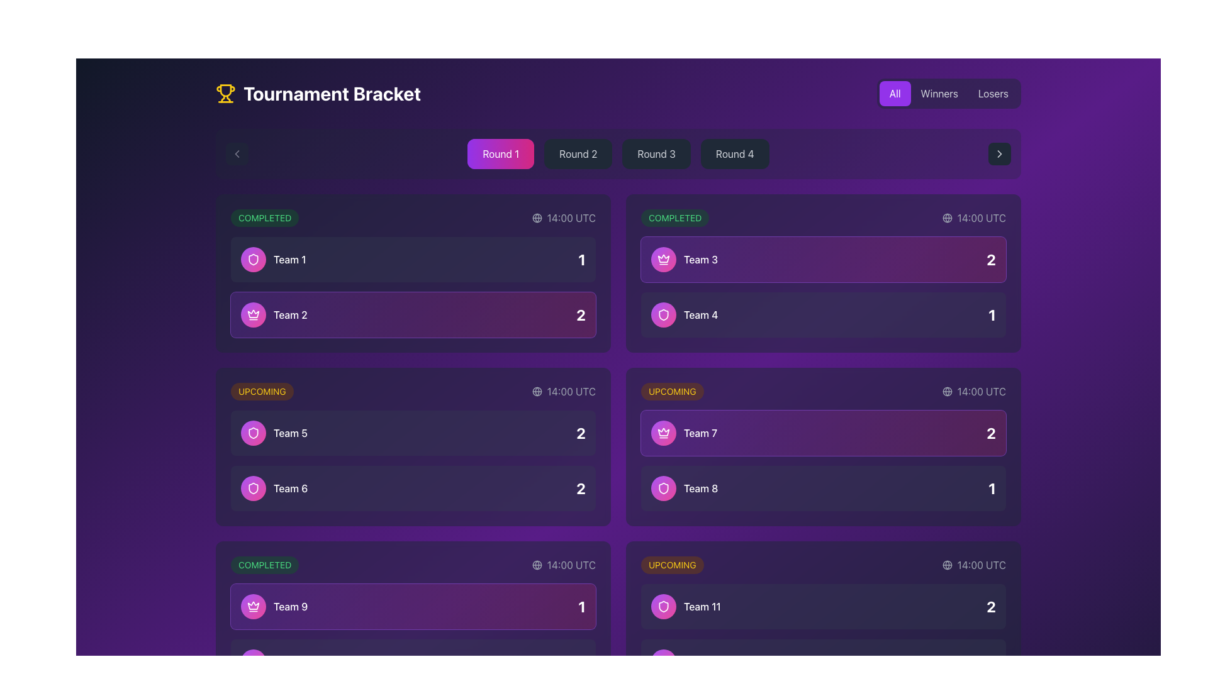  What do you see at coordinates (993, 93) in the screenshot?
I see `the 'Losers' button, which is the third button in a row of three options ('All', 'Winners', 'Losers') located in the top-right corner of the interface, to filter the view` at bounding box center [993, 93].